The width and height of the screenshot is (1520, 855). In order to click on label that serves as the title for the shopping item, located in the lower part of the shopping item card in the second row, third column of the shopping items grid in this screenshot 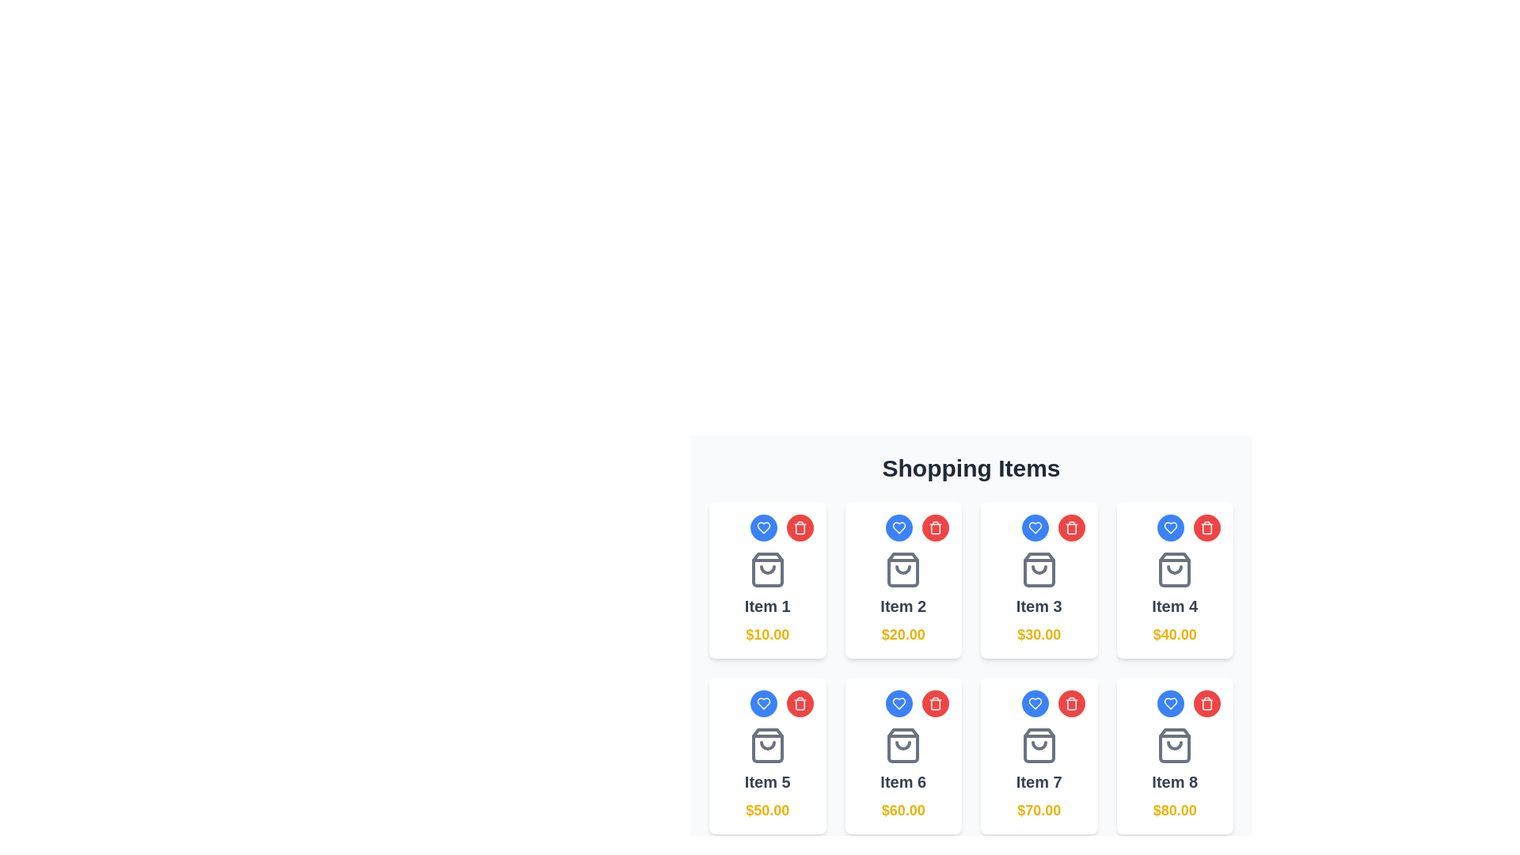, I will do `click(903, 781)`.